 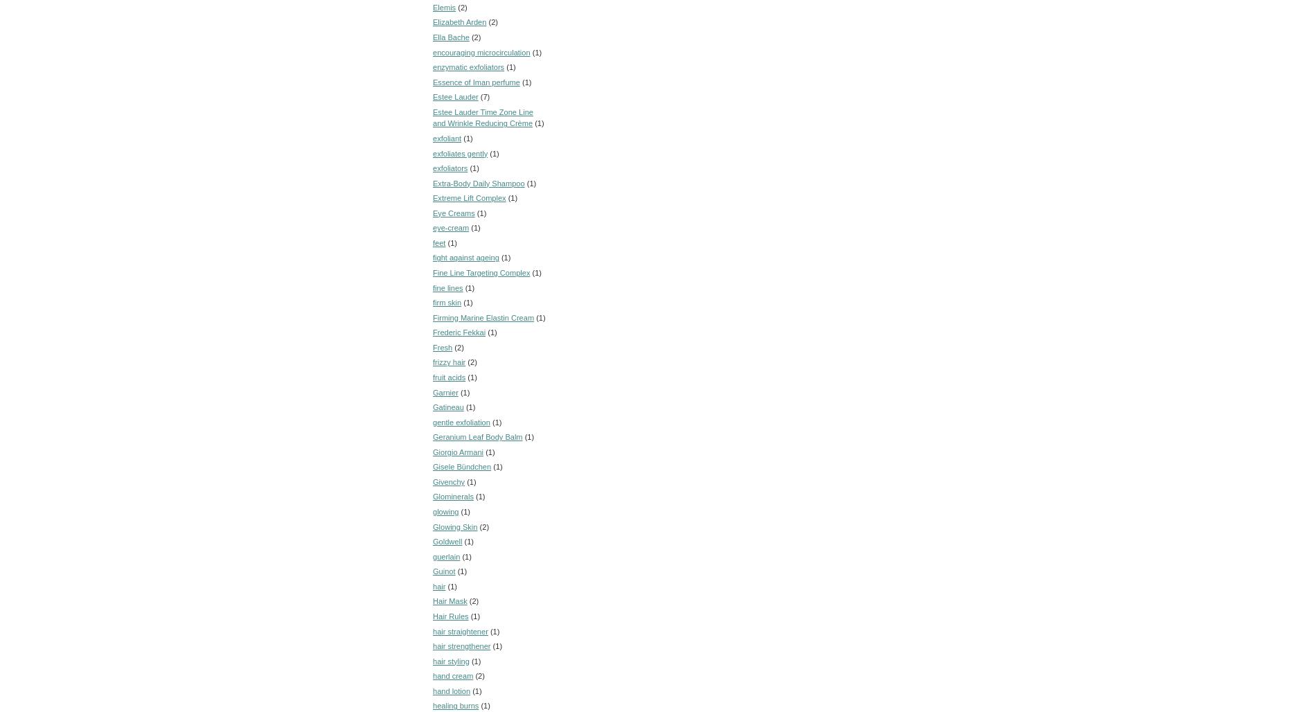 What do you see at coordinates (432, 273) in the screenshot?
I see `'Fine Line Targeting Complex'` at bounding box center [432, 273].